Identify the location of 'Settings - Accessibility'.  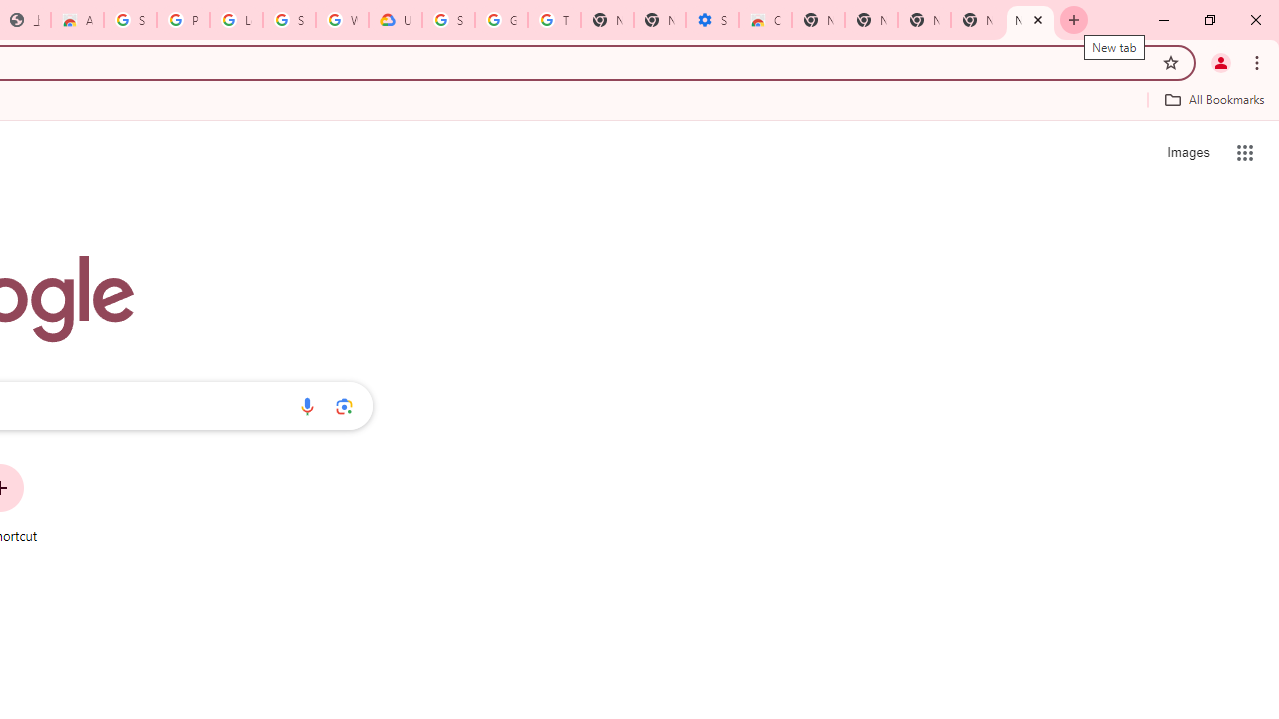
(712, 20).